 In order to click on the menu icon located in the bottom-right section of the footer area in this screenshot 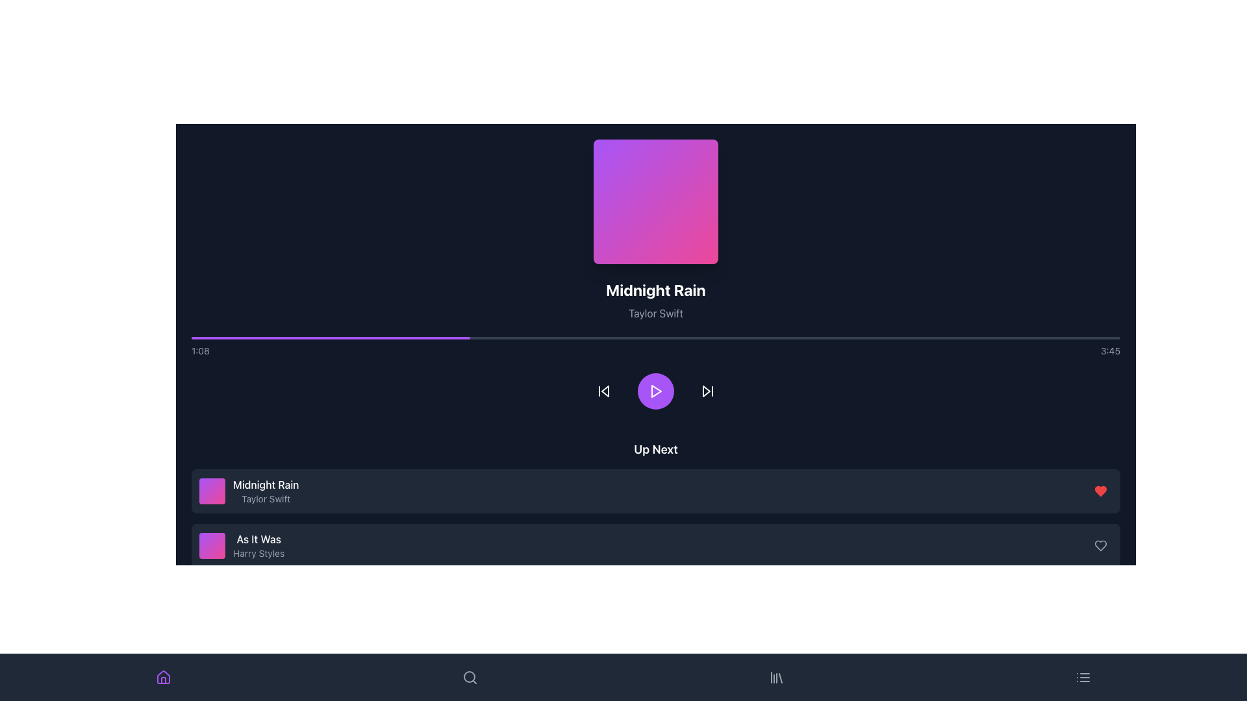, I will do `click(1083, 677)`.